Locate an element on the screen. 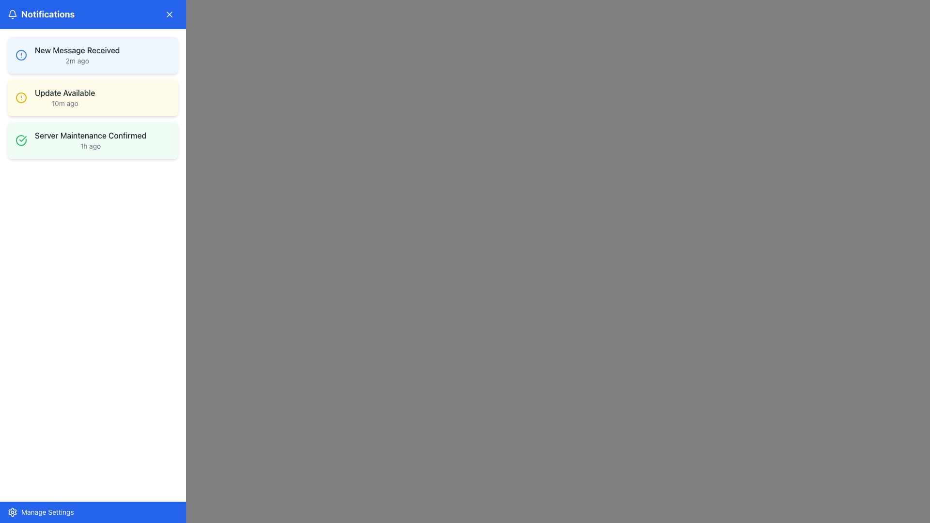 Image resolution: width=930 pixels, height=523 pixels. the bell icon that represents notifications, located to the left of the 'Notifications' text in the sidebar header is located at coordinates (12, 15).